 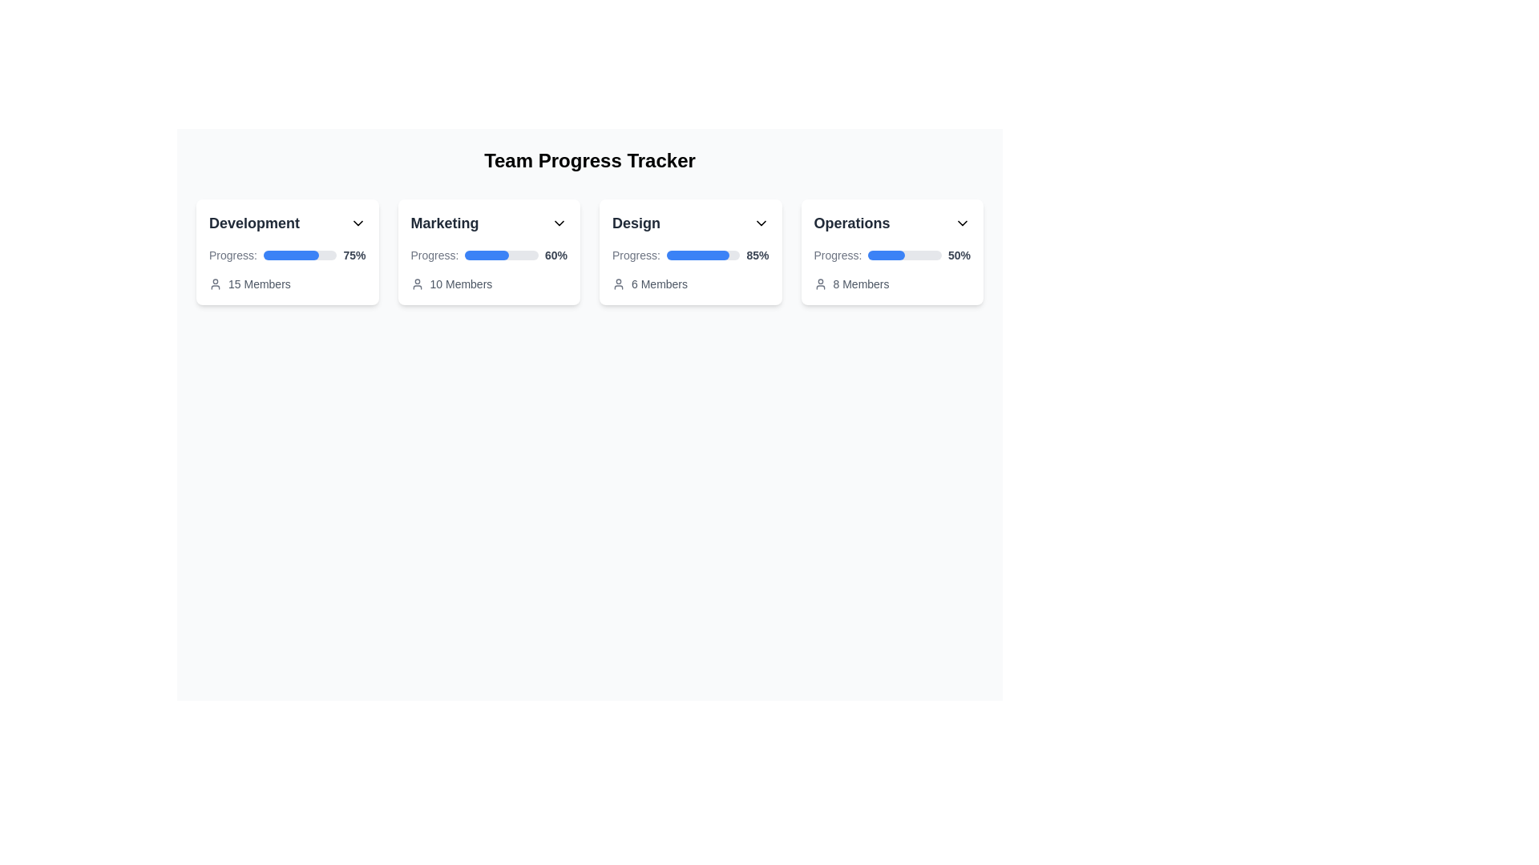 I want to click on the chevron icon located on the far right of the 'Operations' panel header, so click(x=962, y=223).